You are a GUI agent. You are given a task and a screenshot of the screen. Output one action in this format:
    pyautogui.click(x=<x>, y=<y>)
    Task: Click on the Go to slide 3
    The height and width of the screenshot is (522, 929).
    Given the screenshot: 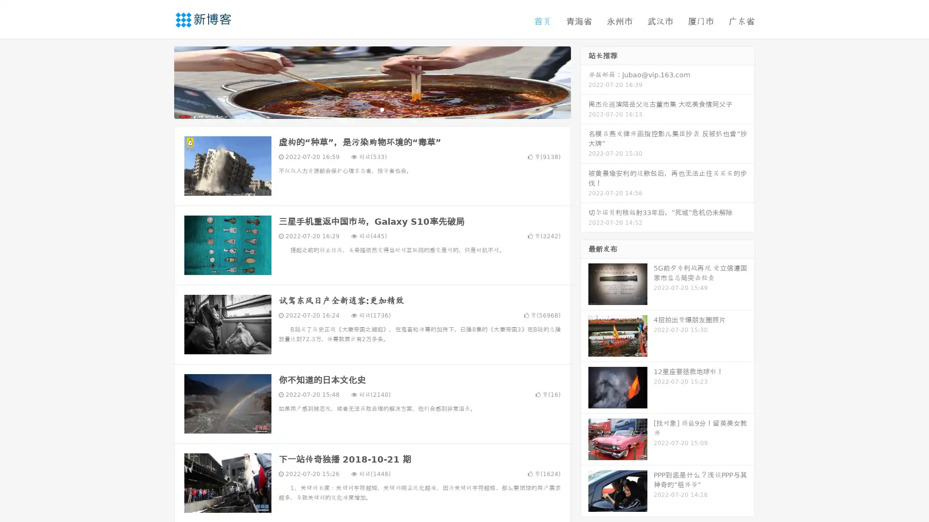 What is the action you would take?
    pyautogui.click(x=382, y=109)
    